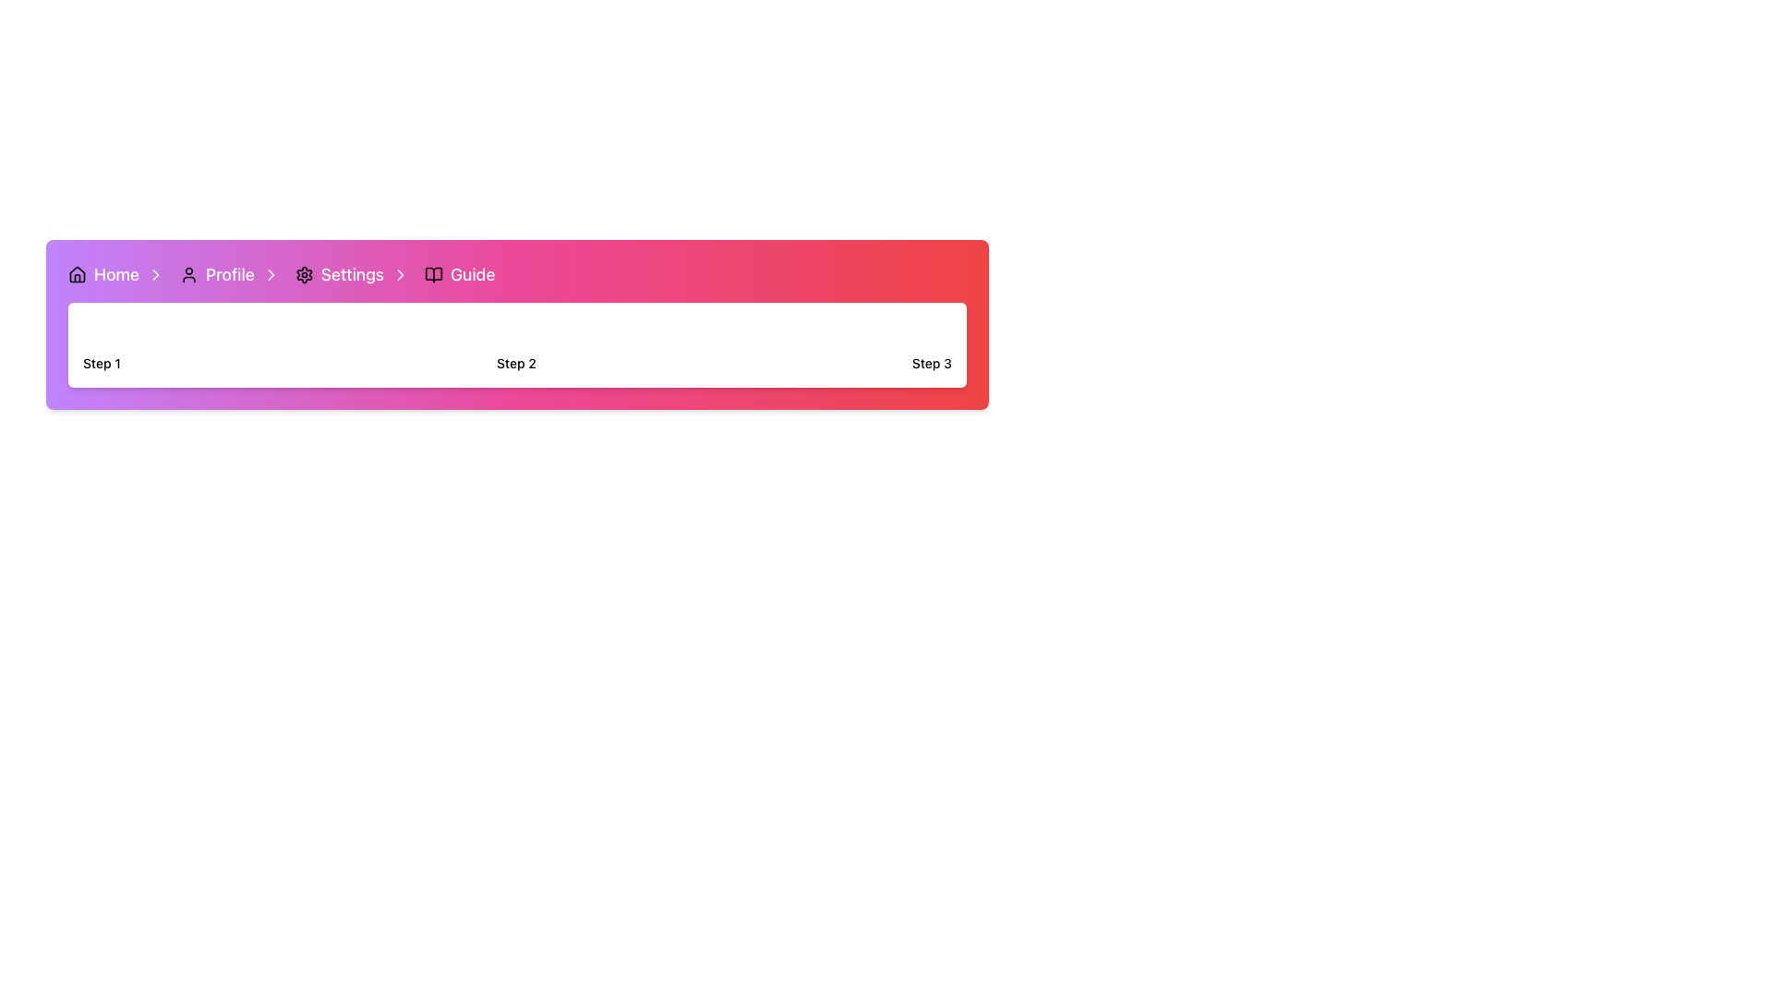 The height and width of the screenshot is (997, 1773). I want to click on the SVG graphical icon associated with the 'Guide' label in the breadcrumb navigation for navigation, so click(433, 274).